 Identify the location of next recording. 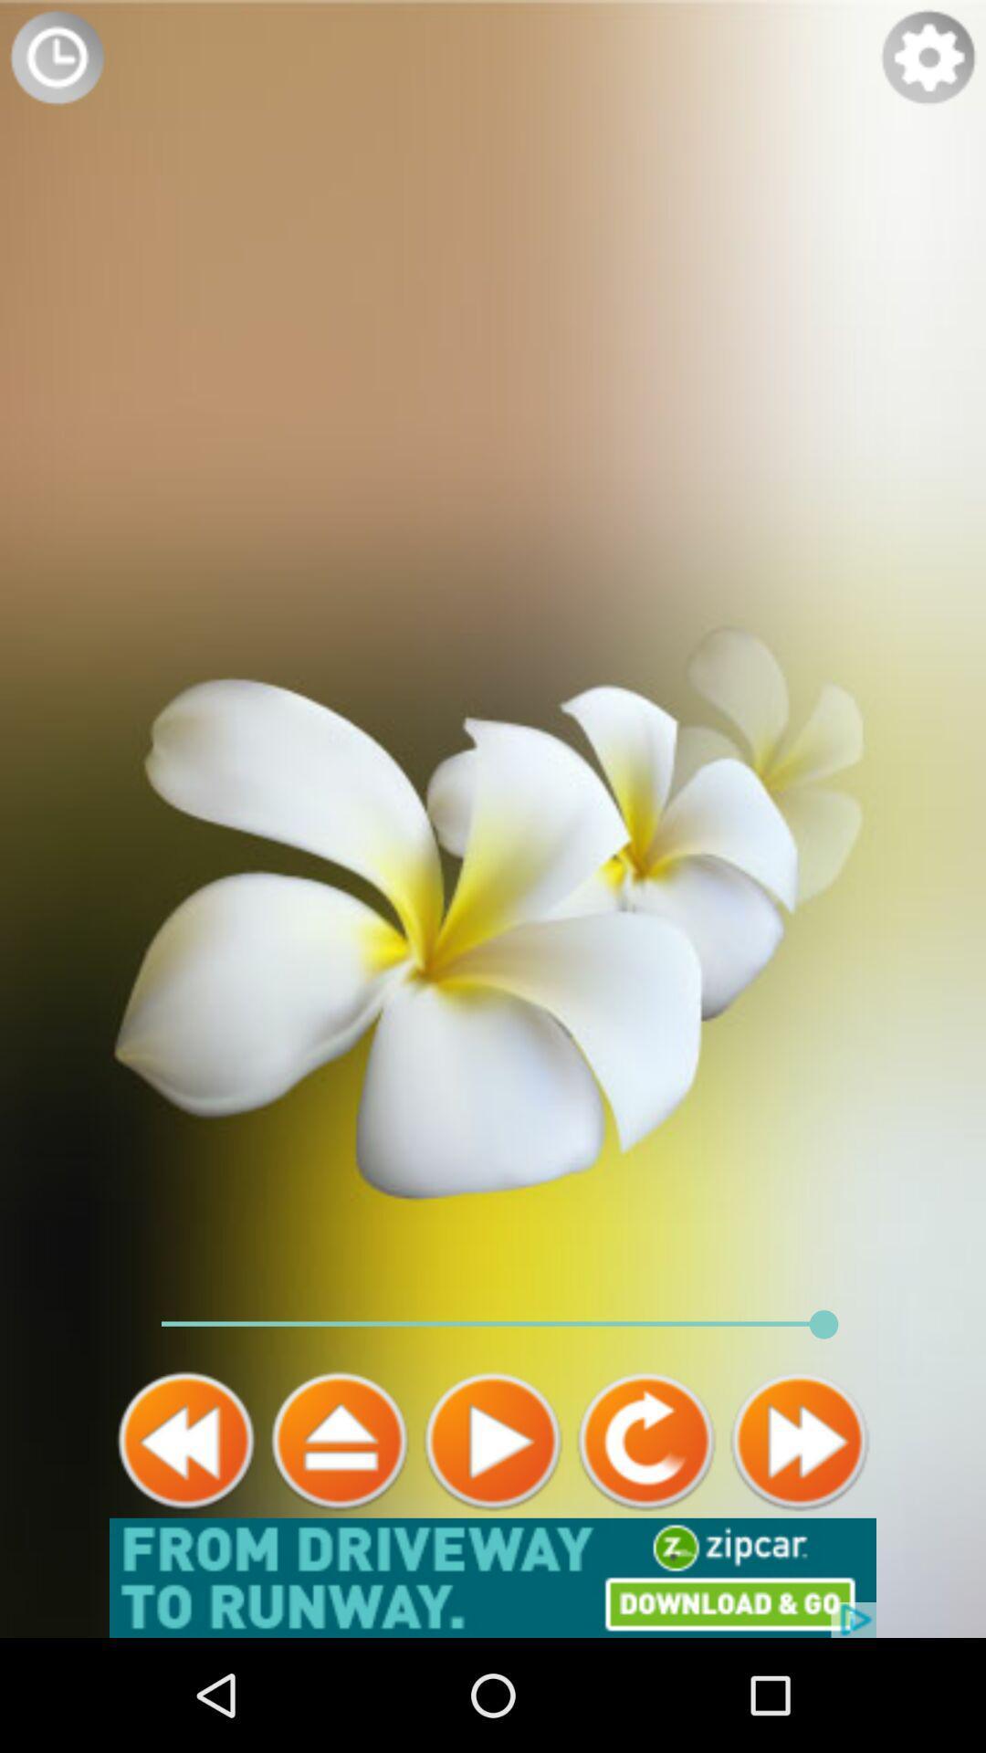
(798, 1440).